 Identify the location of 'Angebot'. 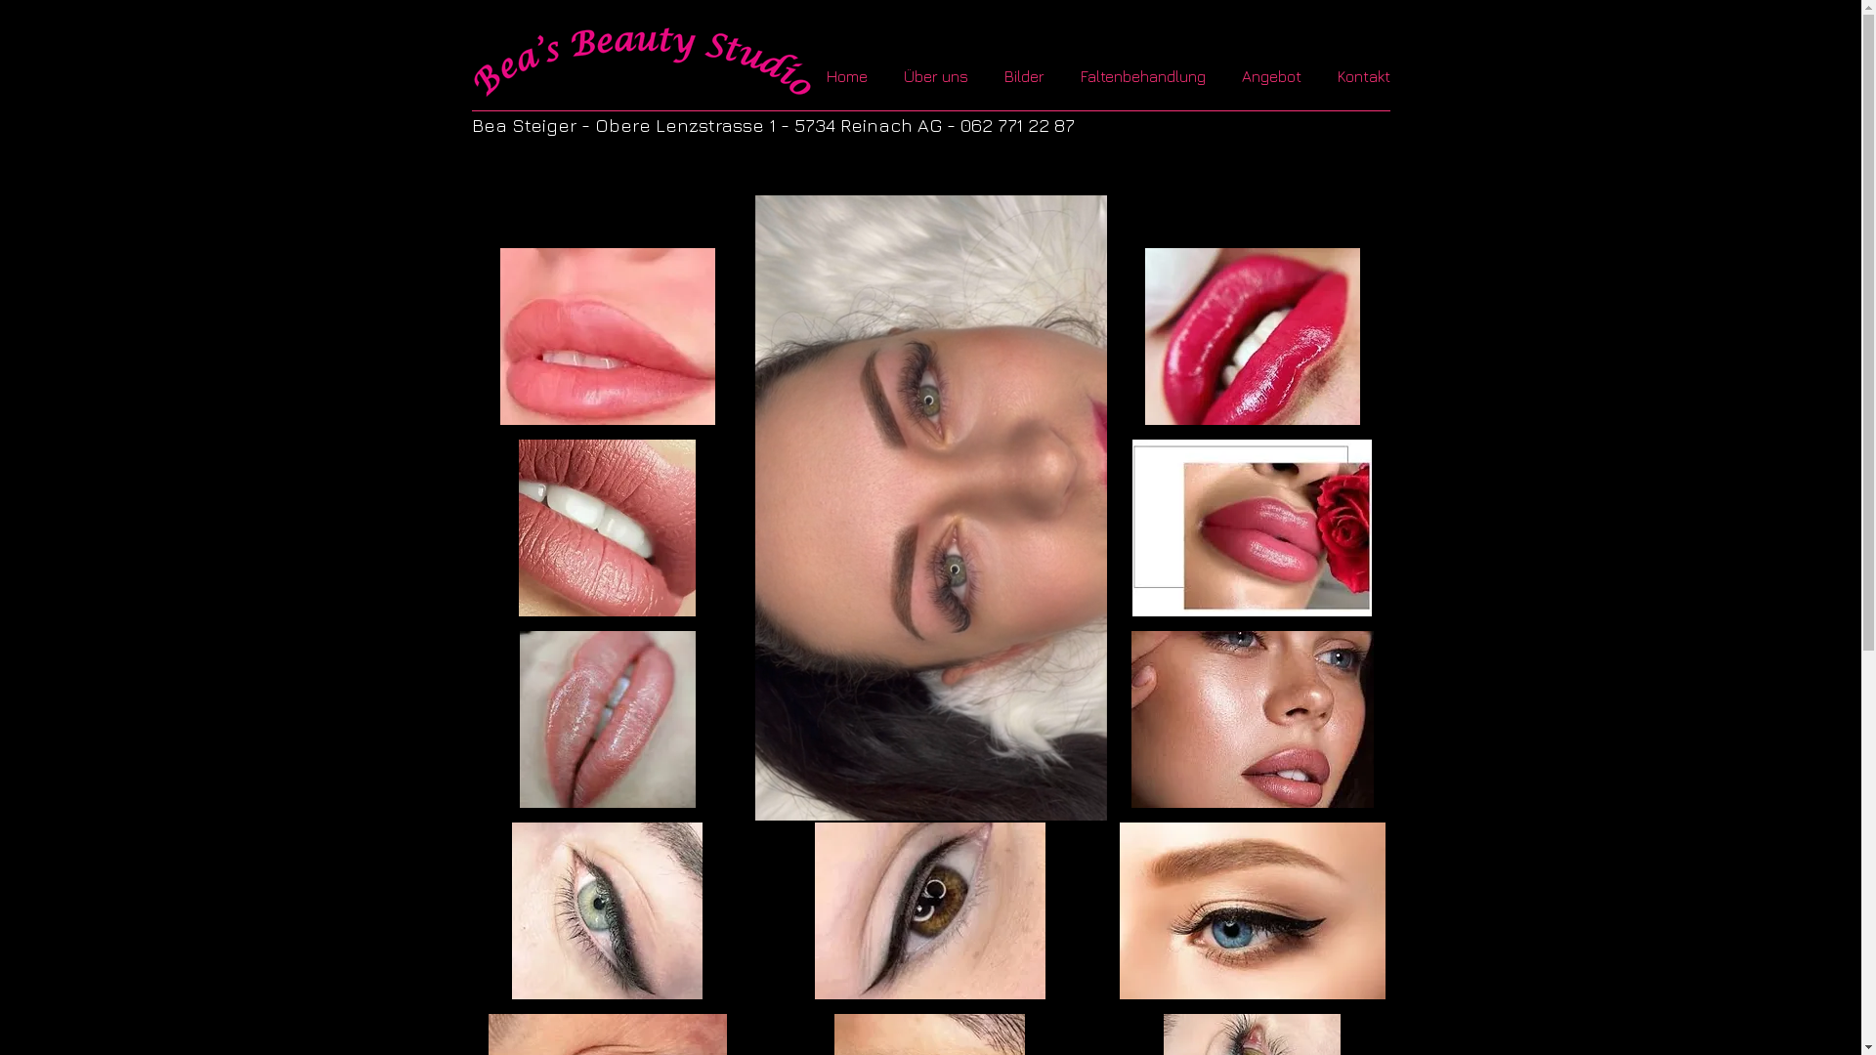
(1274, 74).